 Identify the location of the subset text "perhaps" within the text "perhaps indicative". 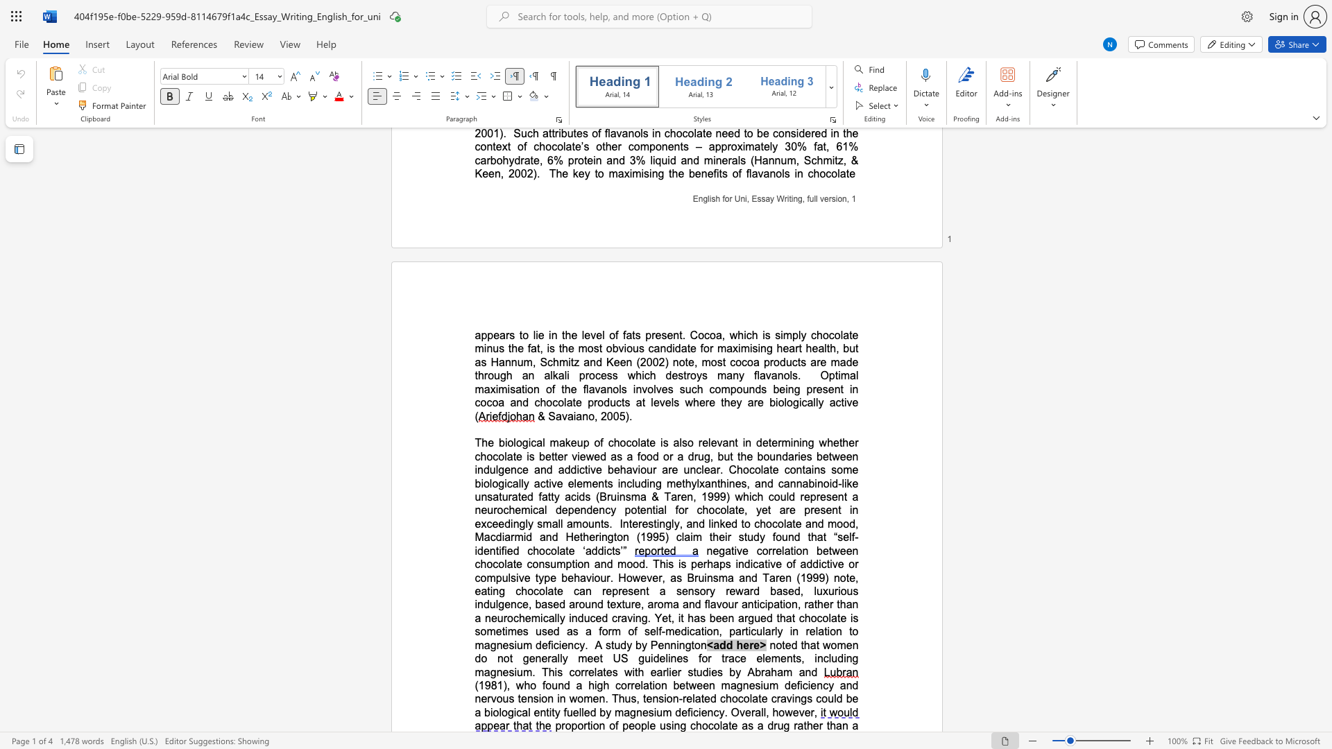
(691, 564).